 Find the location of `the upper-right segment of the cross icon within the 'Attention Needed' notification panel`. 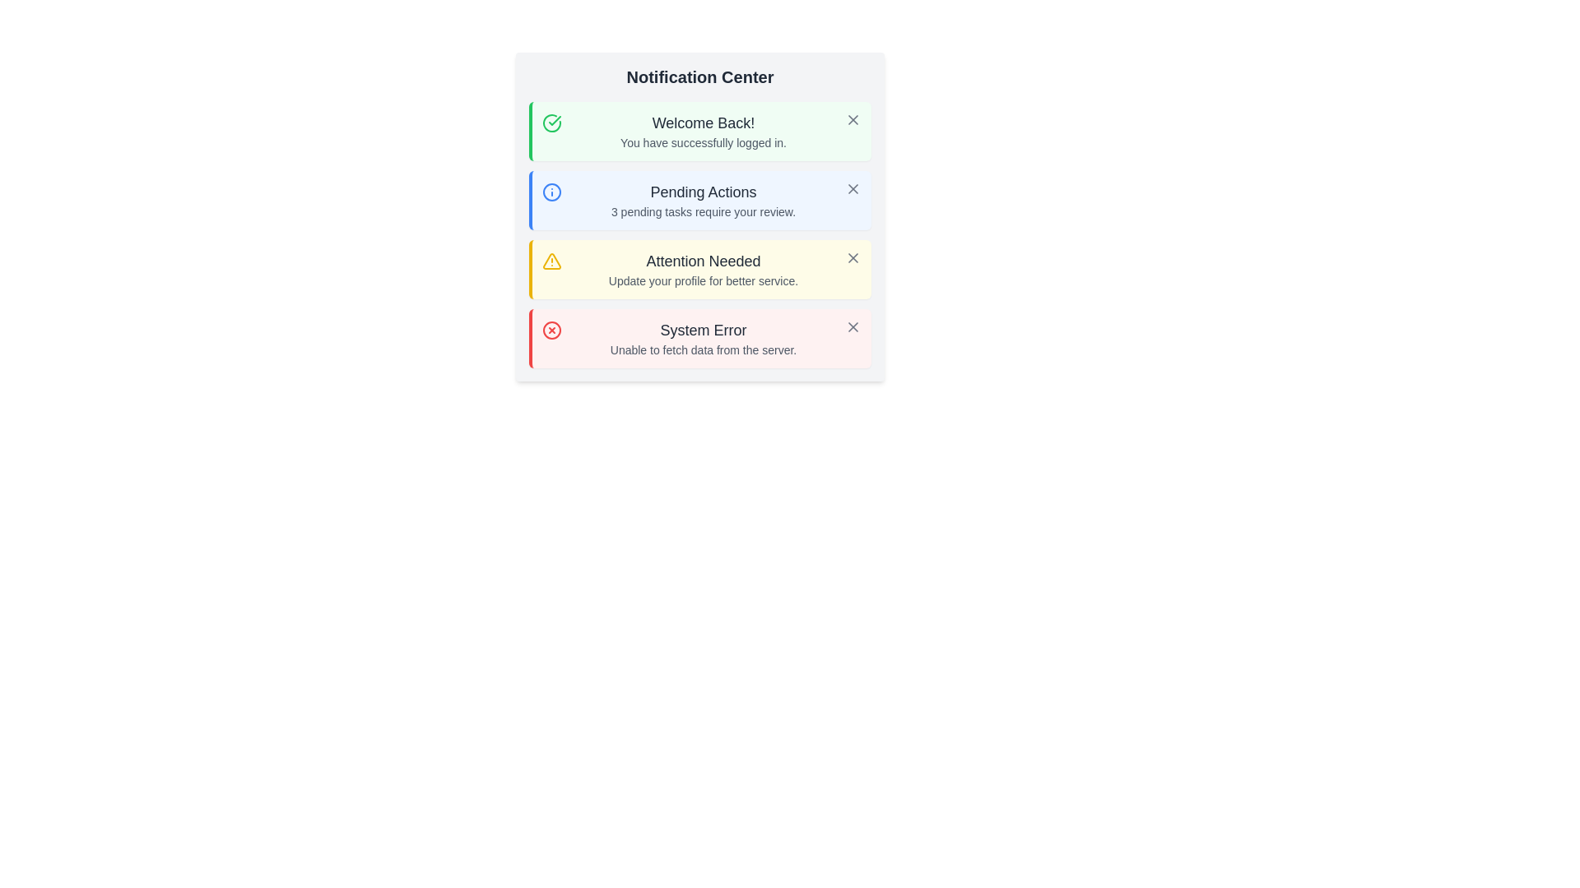

the upper-right segment of the cross icon within the 'Attention Needed' notification panel is located at coordinates (853, 257).